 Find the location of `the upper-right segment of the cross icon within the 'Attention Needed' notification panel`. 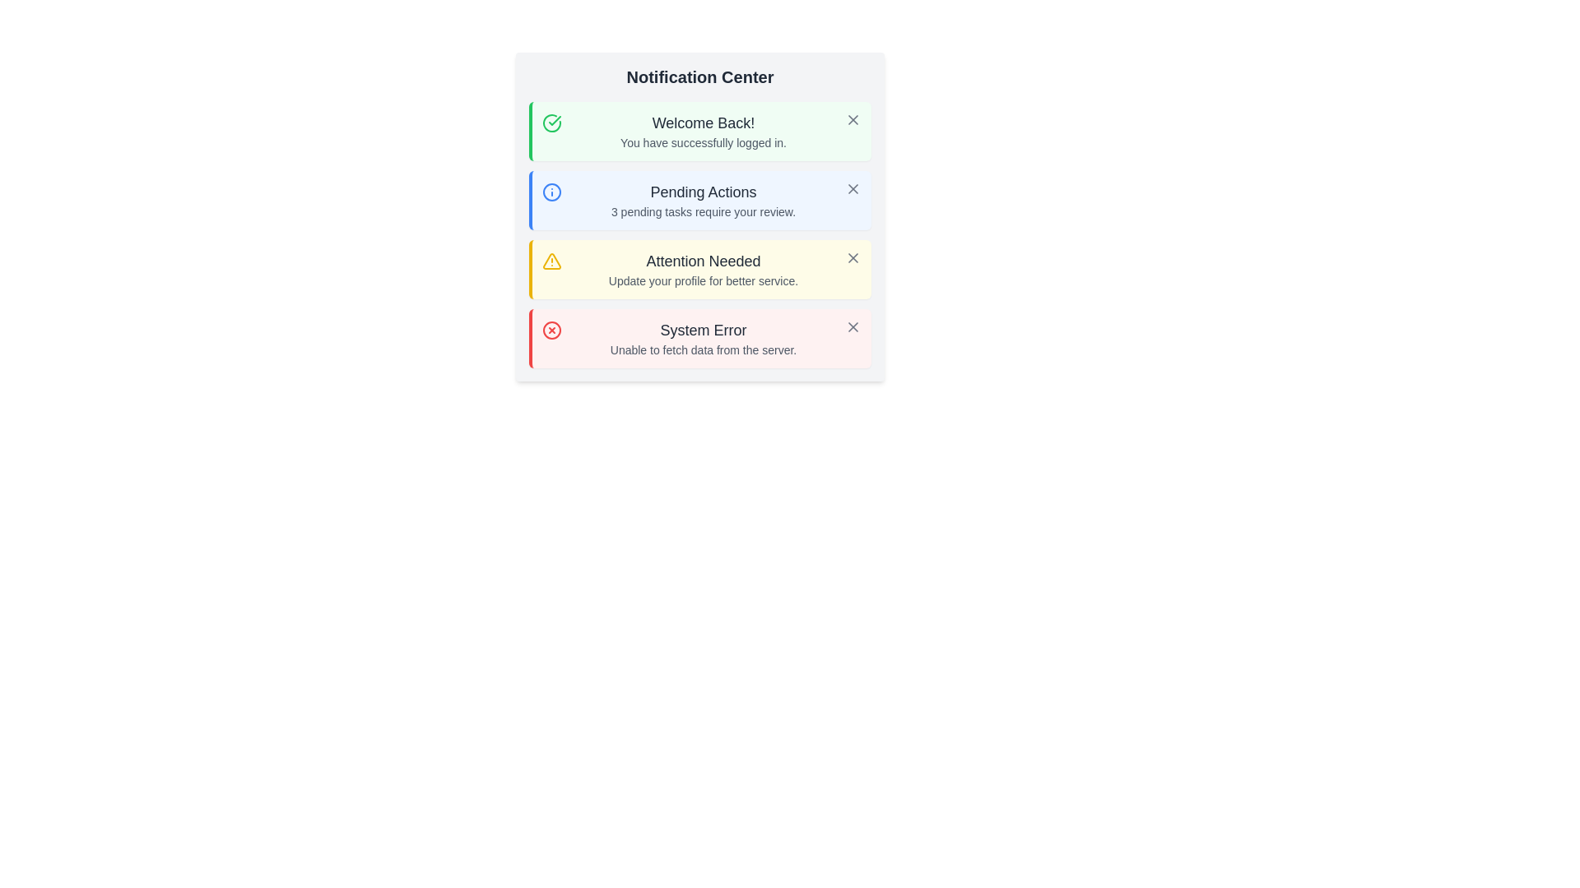

the upper-right segment of the cross icon within the 'Attention Needed' notification panel is located at coordinates (853, 257).